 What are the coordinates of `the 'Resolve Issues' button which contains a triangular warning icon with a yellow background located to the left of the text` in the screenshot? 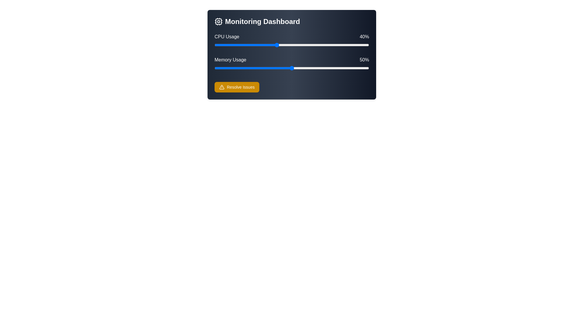 It's located at (222, 87).